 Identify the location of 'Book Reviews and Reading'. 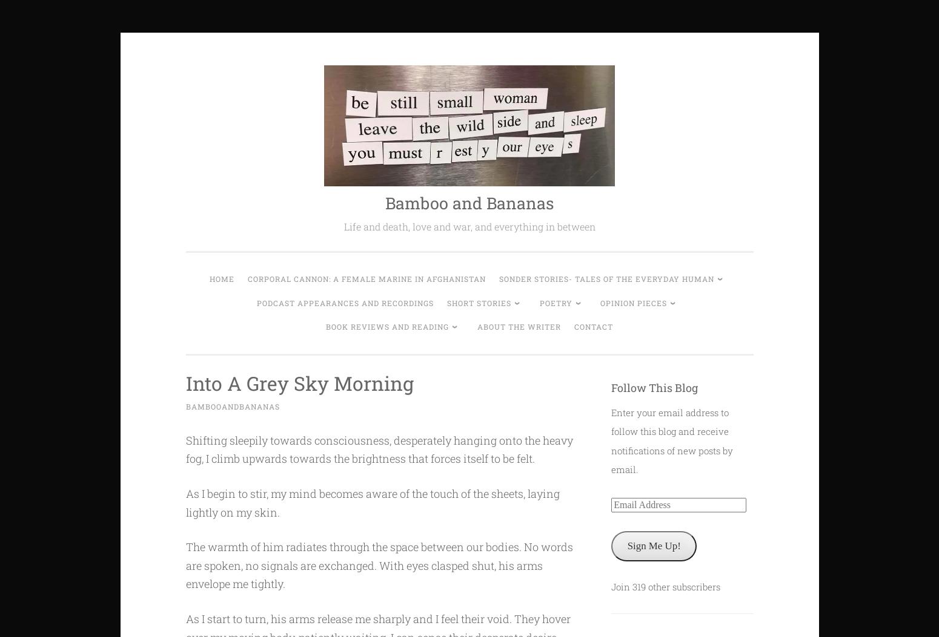
(325, 325).